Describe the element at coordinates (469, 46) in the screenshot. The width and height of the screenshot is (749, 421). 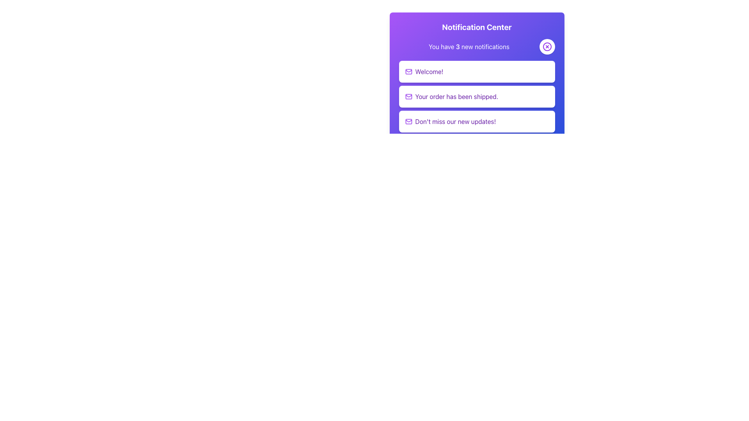
I see `the plain text notification stating 'You have 3 new notifications' which is rendered in white on a gradient background, positioned below the 'Notification Center' title` at that location.